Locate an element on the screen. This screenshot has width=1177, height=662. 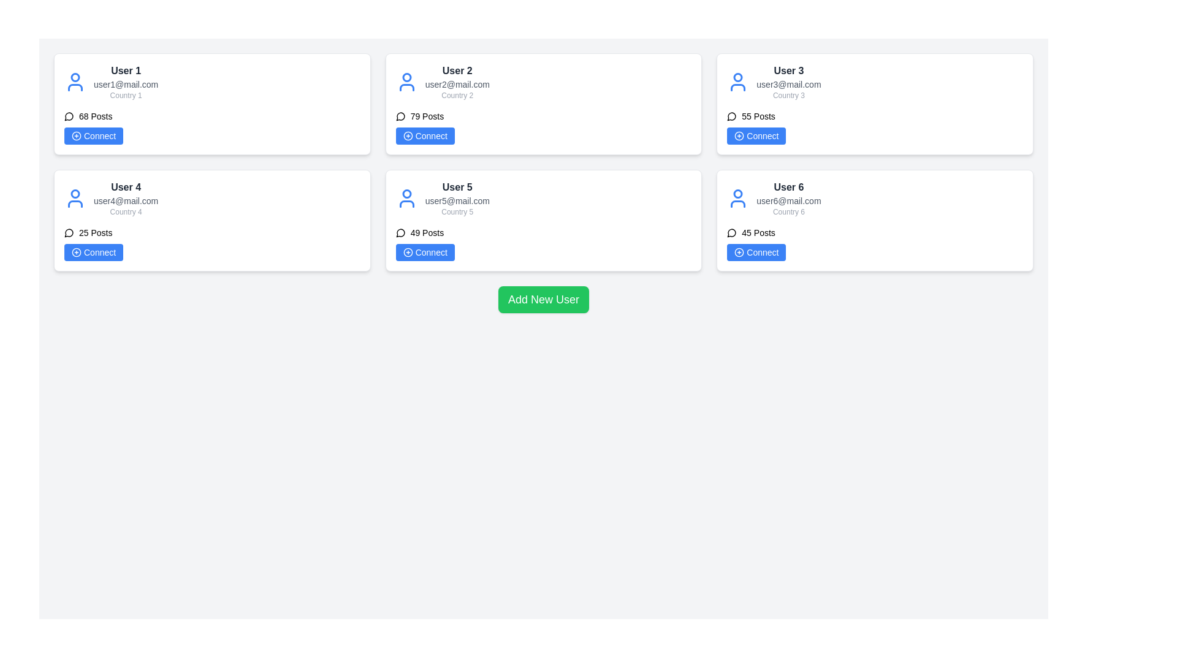
the text label displaying 'Country 4' in light gray font, which is located below the user's email address and above the post count within the 'User 4' profile card is located at coordinates (126, 211).